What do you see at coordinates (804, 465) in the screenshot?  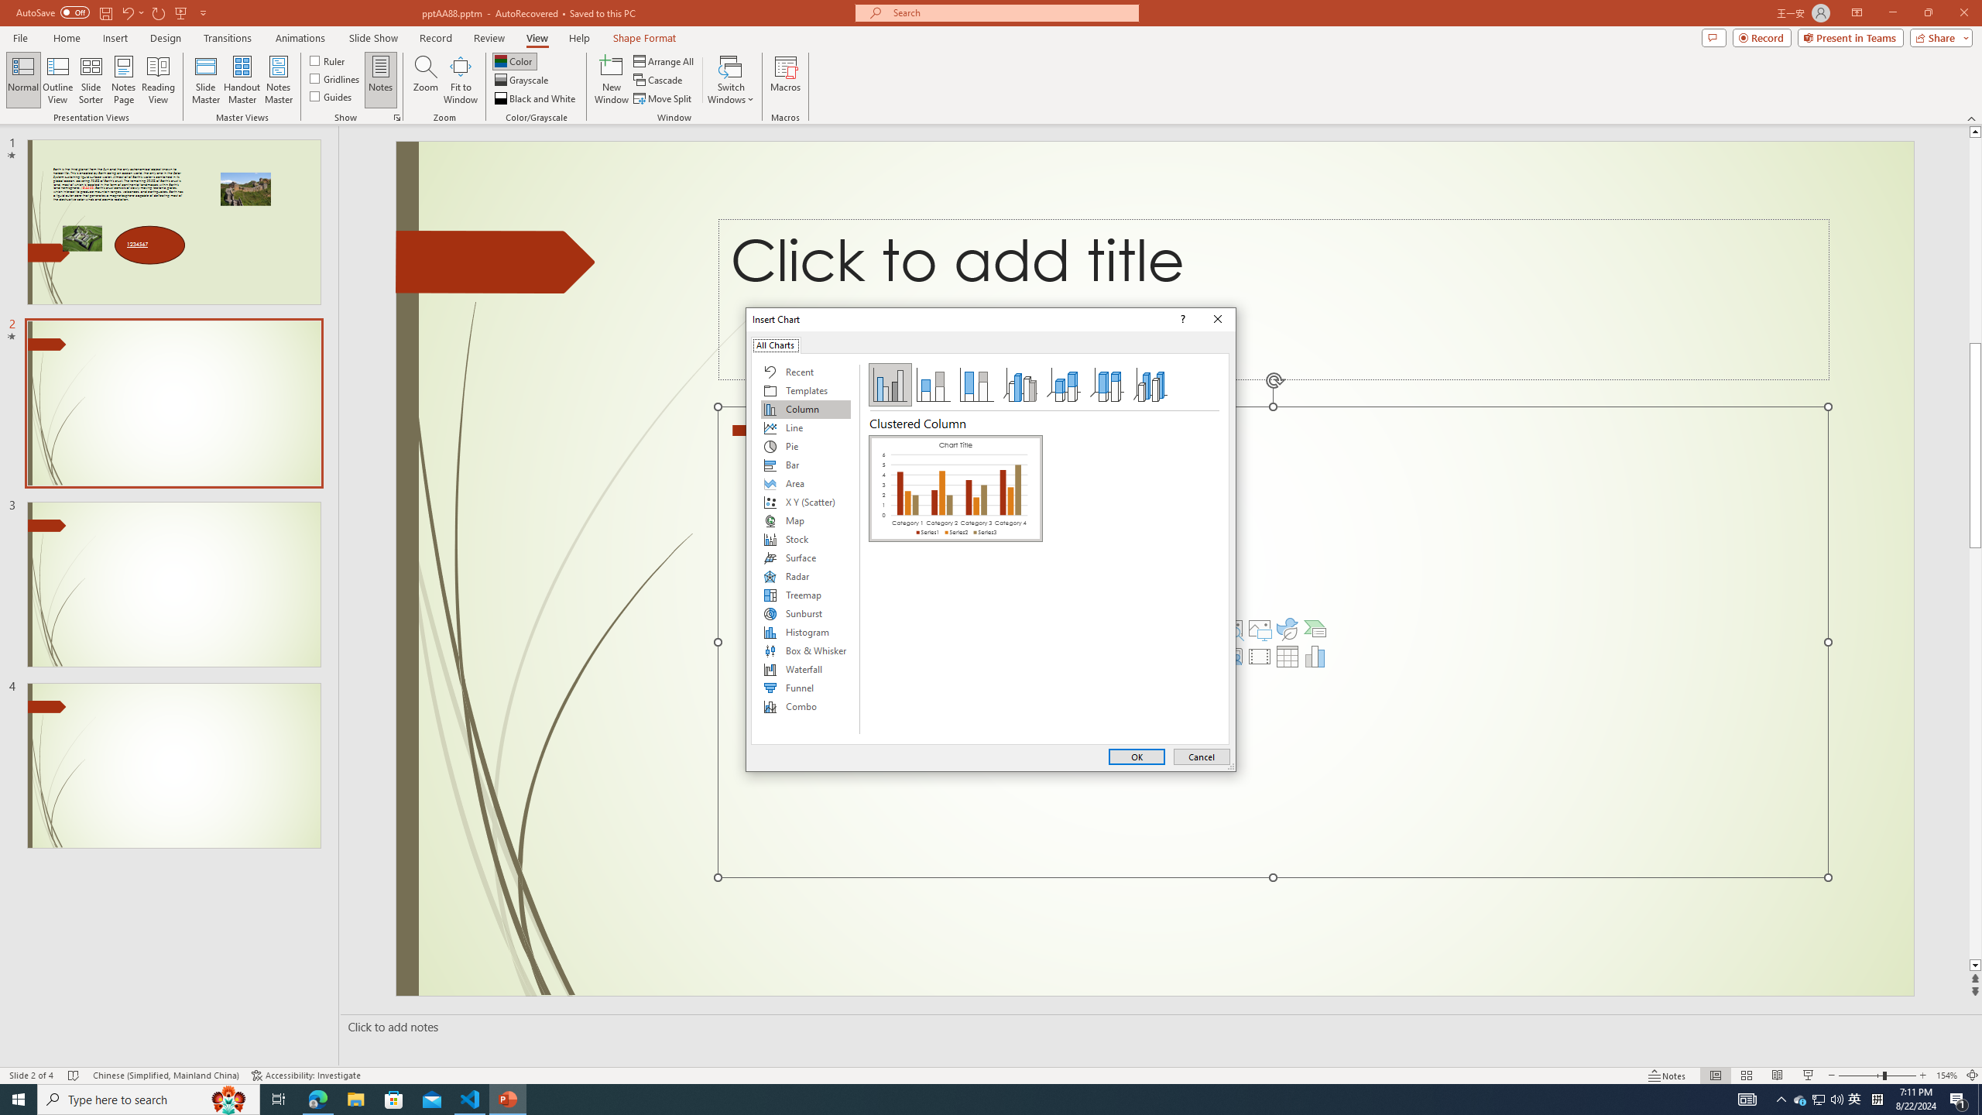 I see `'Bar'` at bounding box center [804, 465].